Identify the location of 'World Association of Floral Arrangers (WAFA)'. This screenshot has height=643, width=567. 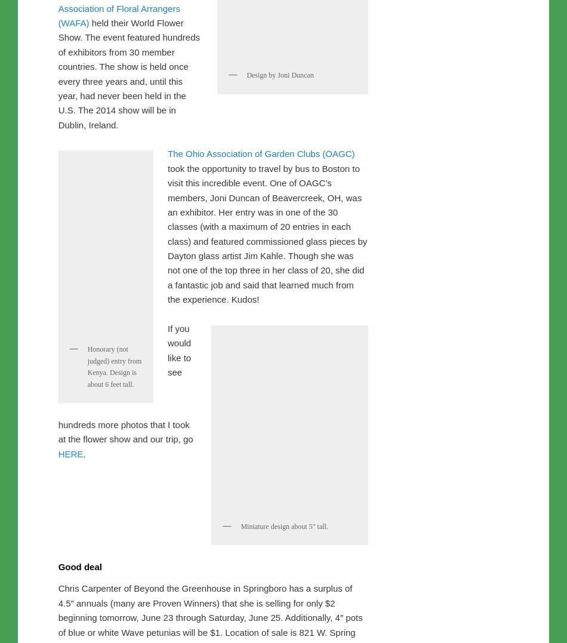
(57, 257).